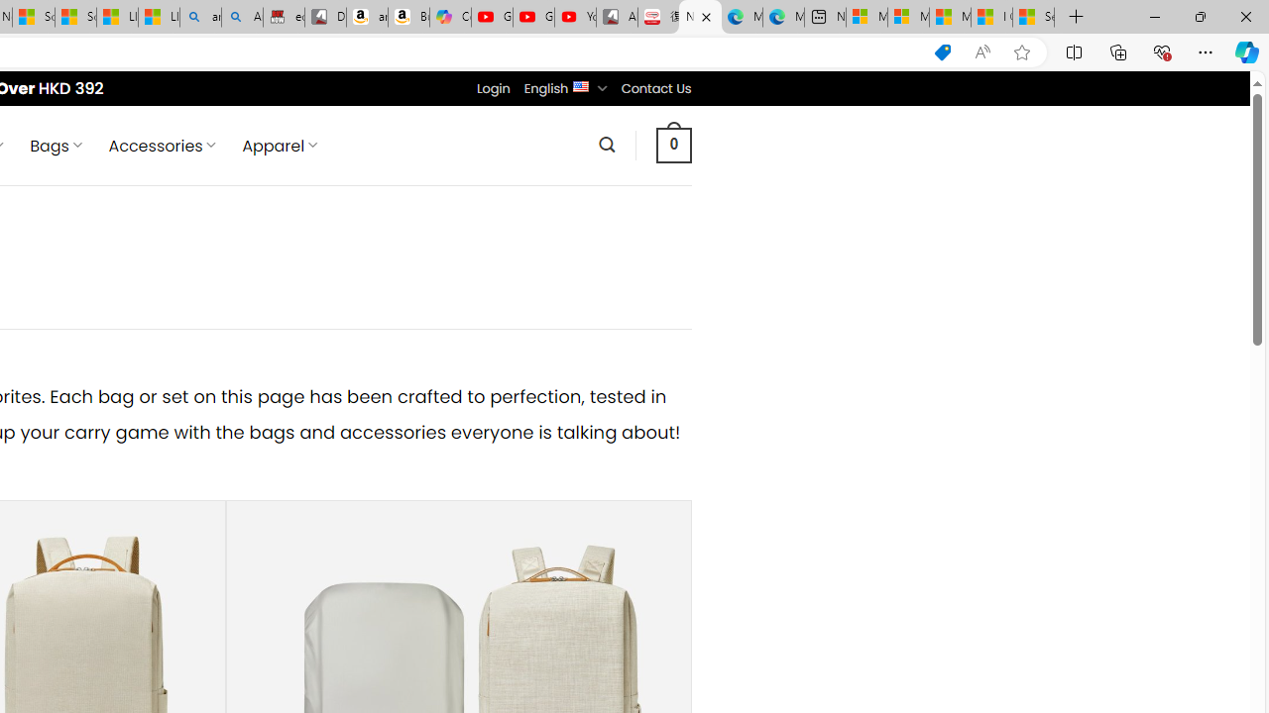 The width and height of the screenshot is (1269, 713). What do you see at coordinates (655, 87) in the screenshot?
I see `'Contact Us'` at bounding box center [655, 87].